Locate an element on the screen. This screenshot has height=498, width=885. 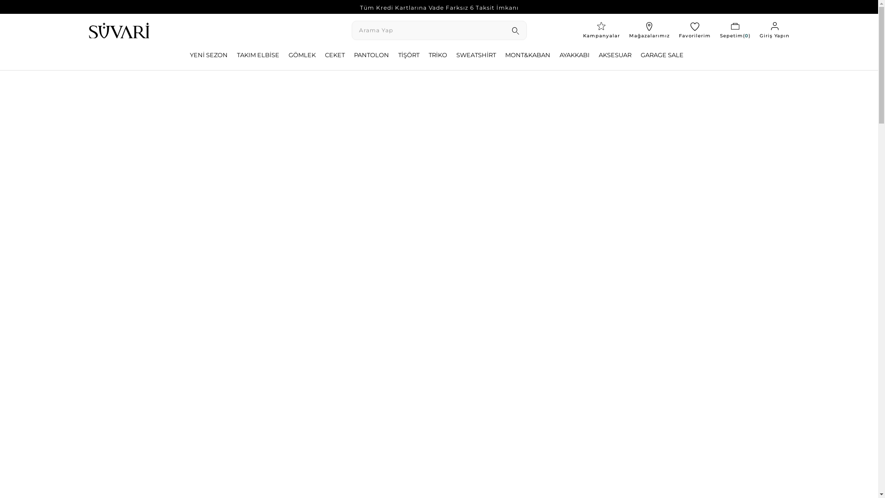
'PANTOLON' is located at coordinates (372, 55).